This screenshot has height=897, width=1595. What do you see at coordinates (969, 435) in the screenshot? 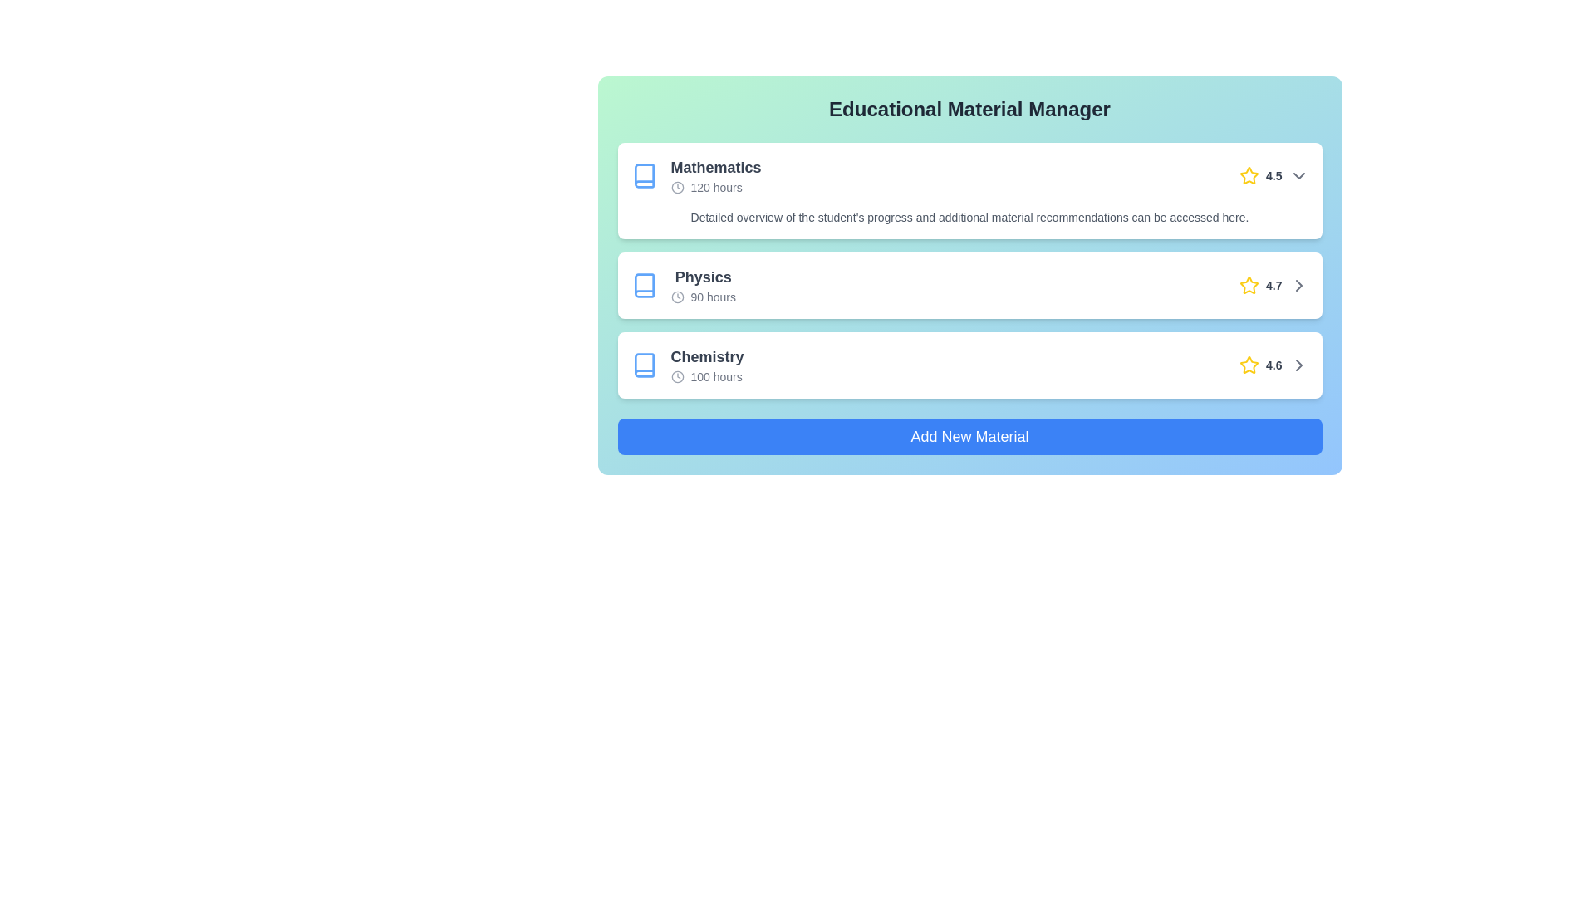
I see `the 'Add New Material' button to initiate the process of adding a new material` at bounding box center [969, 435].